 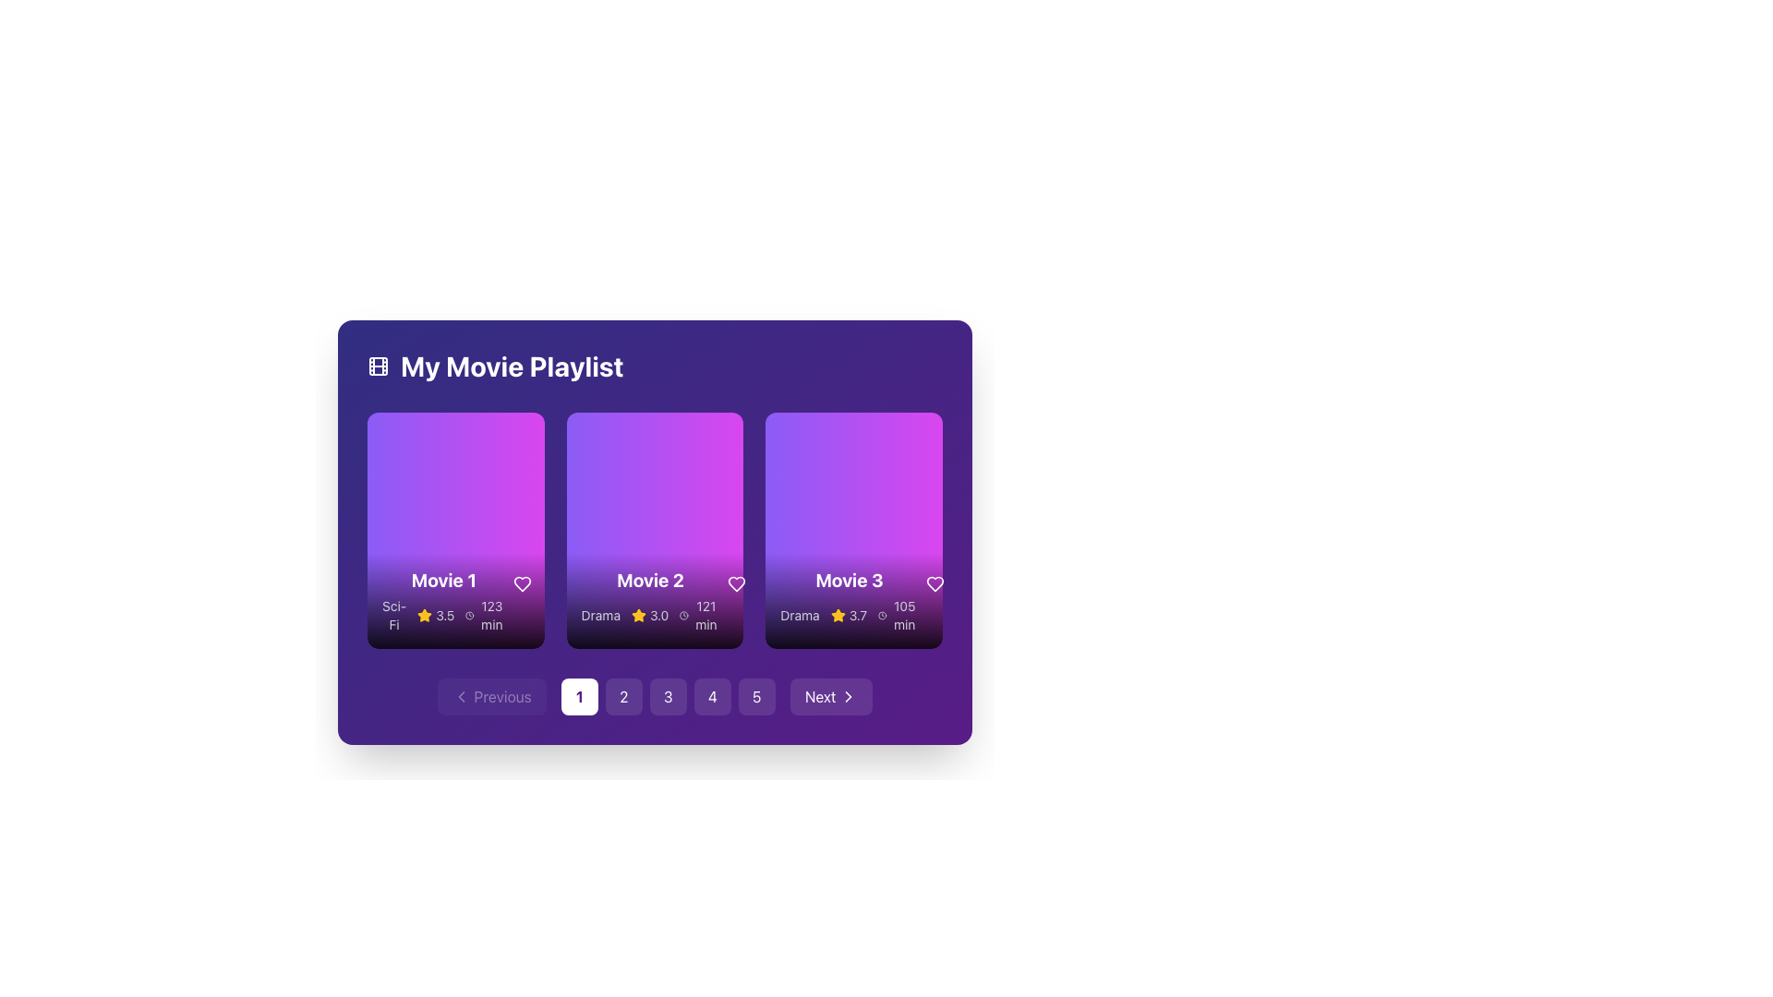 I want to click on the circular button with the number '5' at its center, so click(x=756, y=697).